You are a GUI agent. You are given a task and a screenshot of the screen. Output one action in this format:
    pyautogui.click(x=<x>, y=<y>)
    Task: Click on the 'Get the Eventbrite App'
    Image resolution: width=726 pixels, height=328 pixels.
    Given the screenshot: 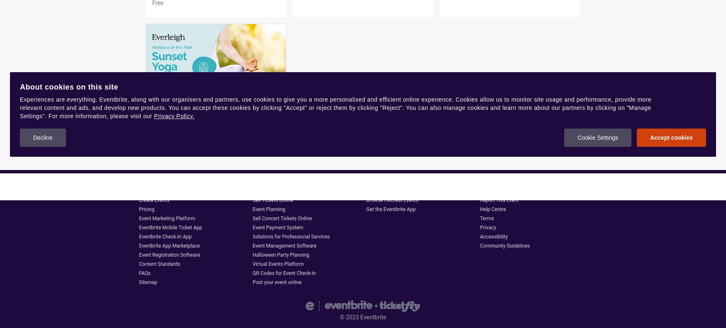 What is the action you would take?
    pyautogui.click(x=366, y=209)
    